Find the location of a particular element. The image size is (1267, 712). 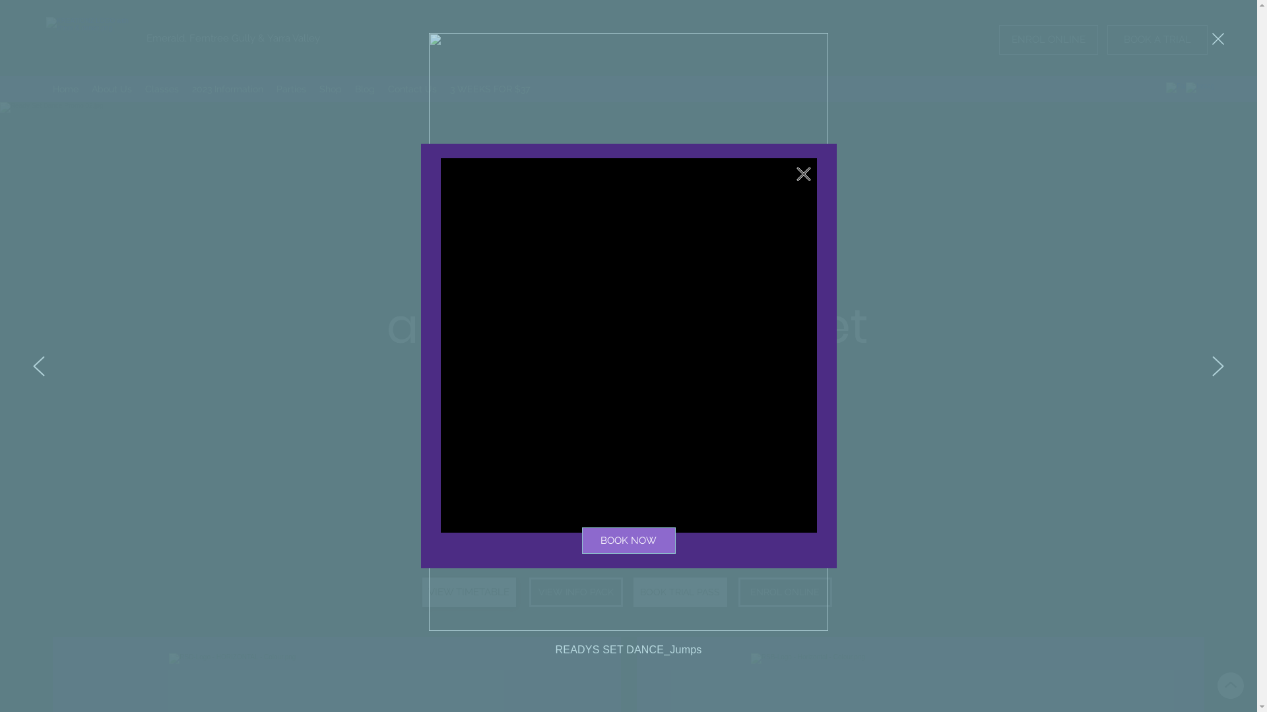

'ENROL ONLINE' is located at coordinates (1047, 39).